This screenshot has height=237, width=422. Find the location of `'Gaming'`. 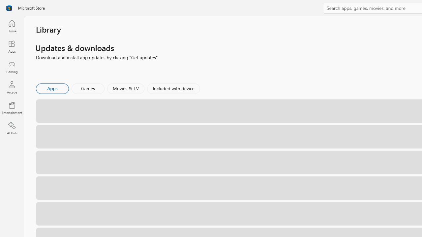

'Gaming' is located at coordinates (12, 67).